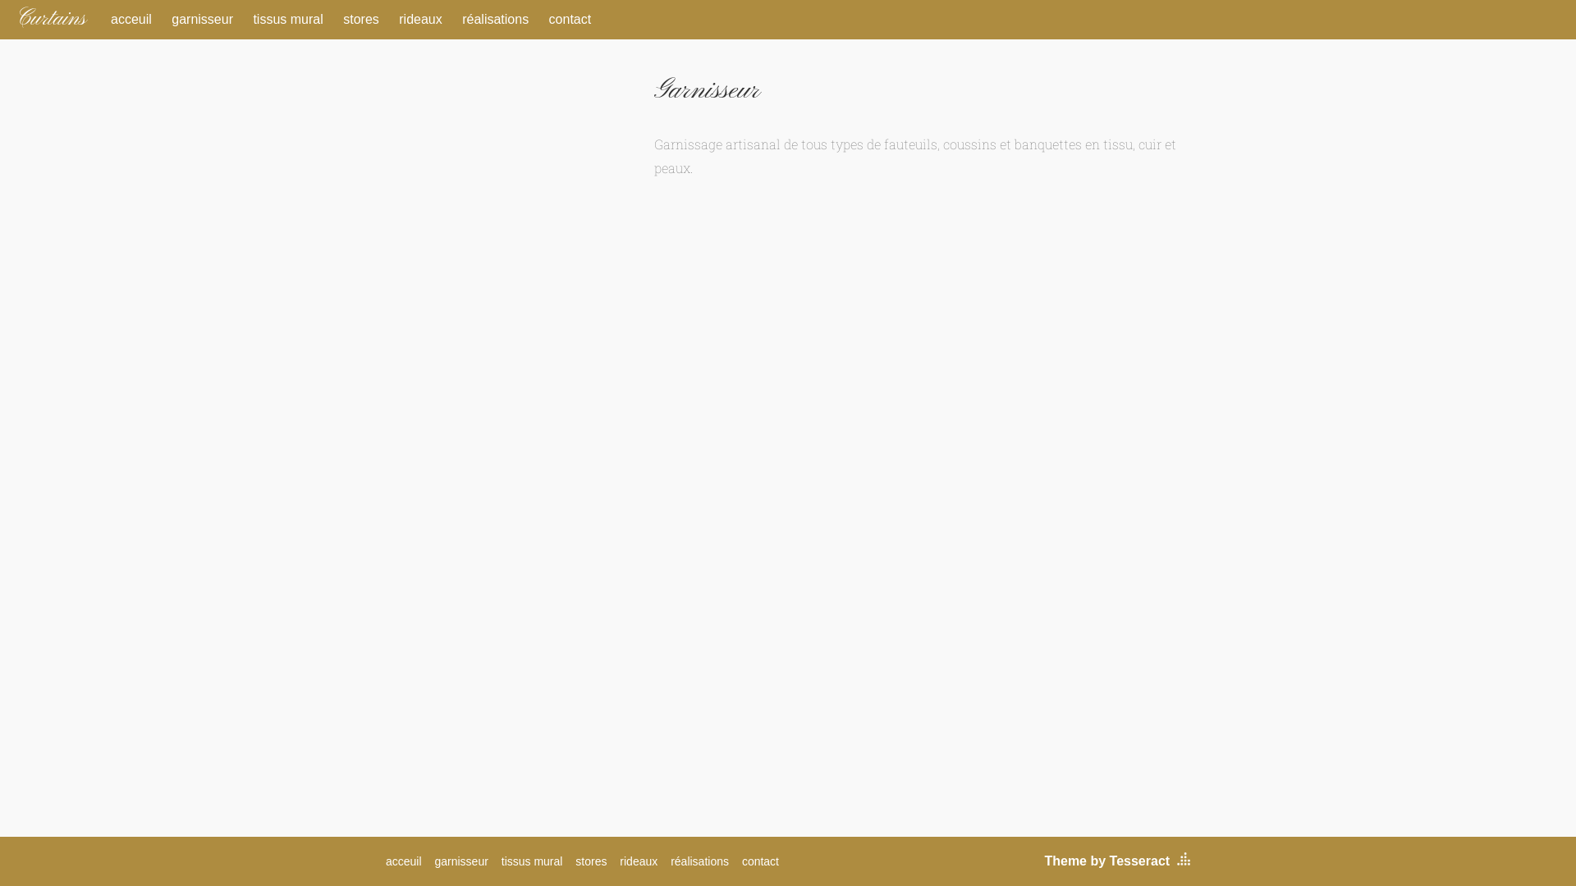  I want to click on 'contact', so click(570, 19).